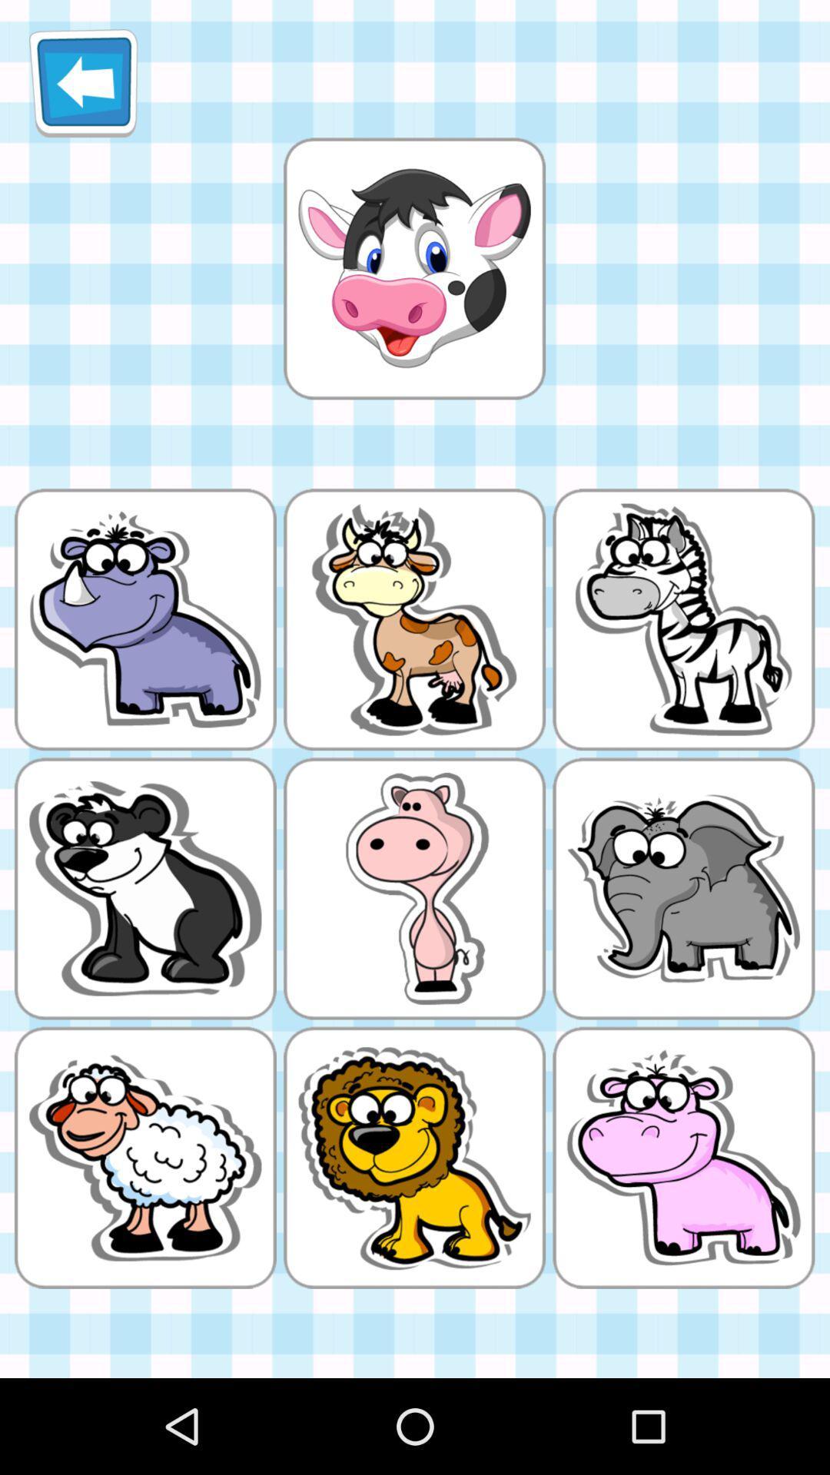  What do you see at coordinates (413, 268) in the screenshot?
I see `animal face` at bounding box center [413, 268].